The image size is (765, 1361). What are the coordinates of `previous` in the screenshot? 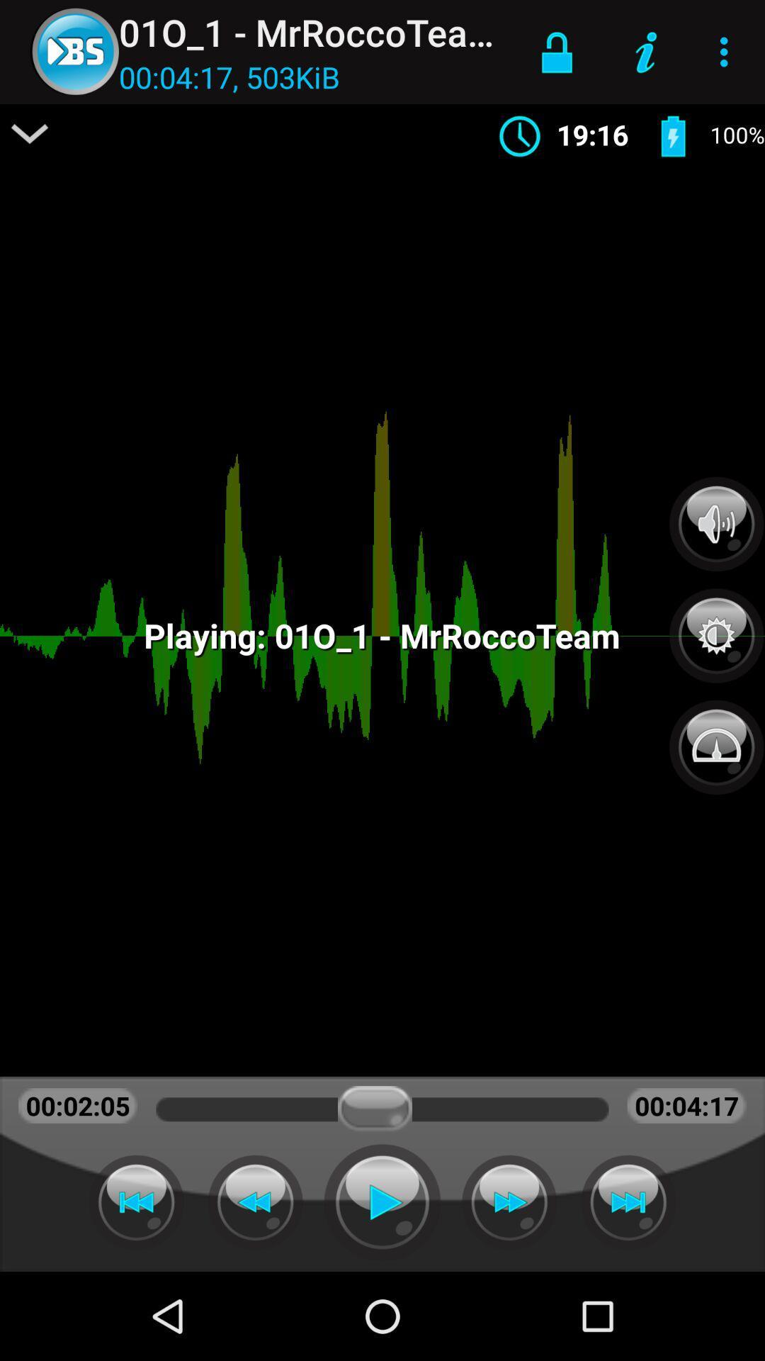 It's located at (136, 1202).